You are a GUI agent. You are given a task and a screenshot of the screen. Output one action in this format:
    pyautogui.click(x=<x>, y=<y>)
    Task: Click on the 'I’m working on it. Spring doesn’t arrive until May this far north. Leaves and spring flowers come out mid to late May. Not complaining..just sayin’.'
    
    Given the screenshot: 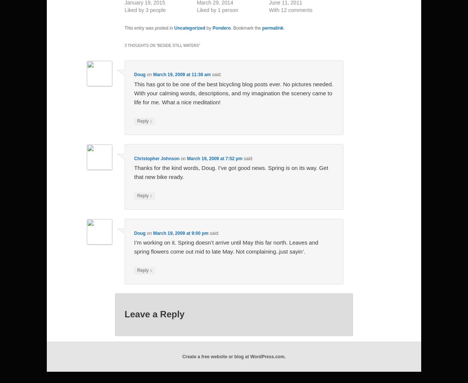 What is the action you would take?
    pyautogui.click(x=134, y=246)
    